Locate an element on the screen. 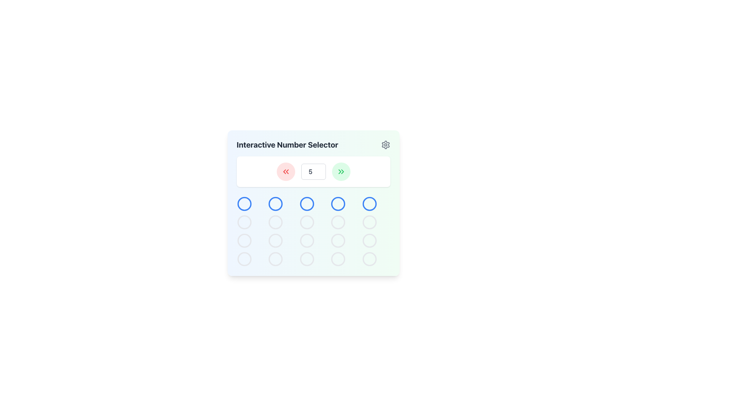  the state of the Decorative Indicator, which is the fourth icon in the first row of a 5-column grid layout, representing a selected or highlighted option is located at coordinates (338, 204).